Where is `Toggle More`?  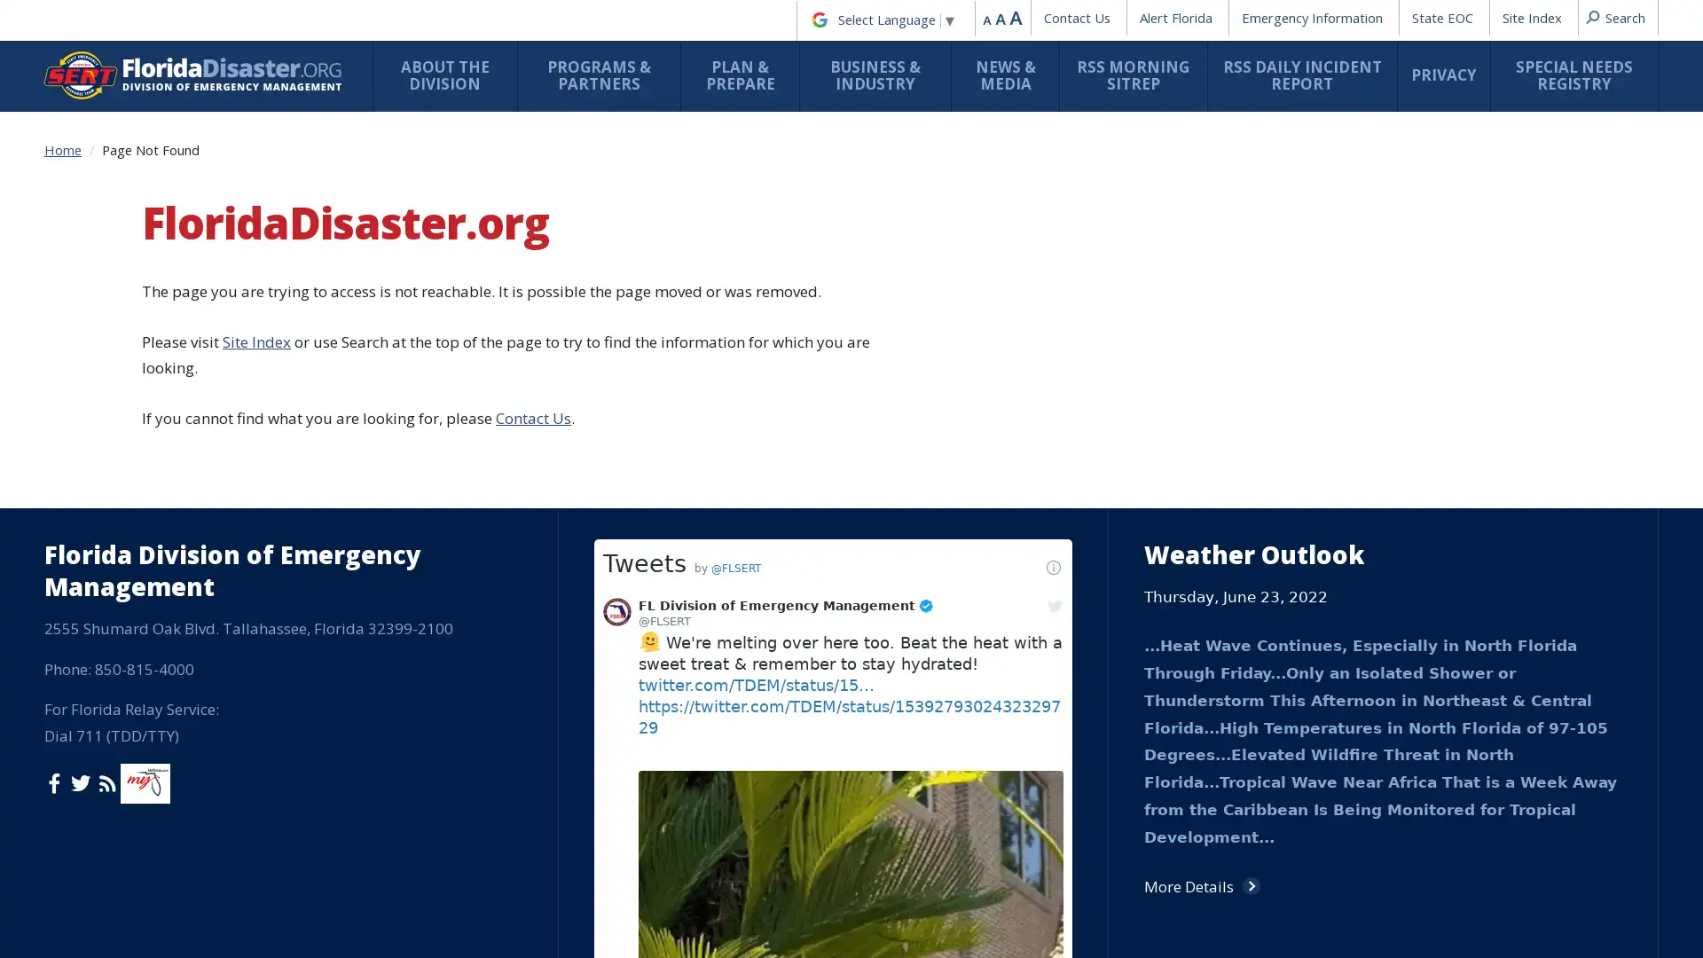 Toggle More is located at coordinates (841, 356).